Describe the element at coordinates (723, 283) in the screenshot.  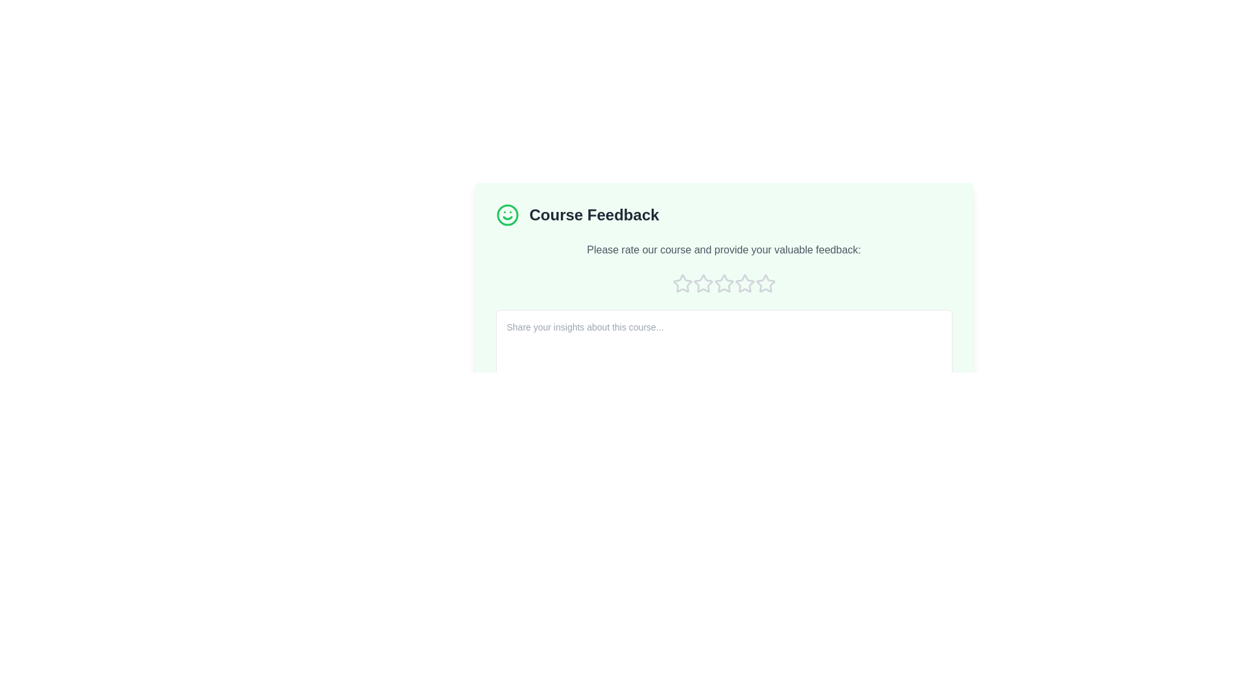
I see `the third hollow star icon in the rating section below the 'Course Feedback' heading` at that location.